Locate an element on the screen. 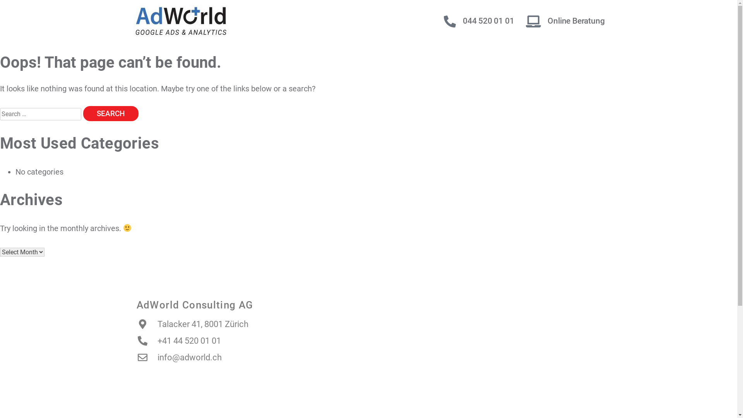 The width and height of the screenshot is (743, 418). '044 520 01 01' is located at coordinates (488, 21).